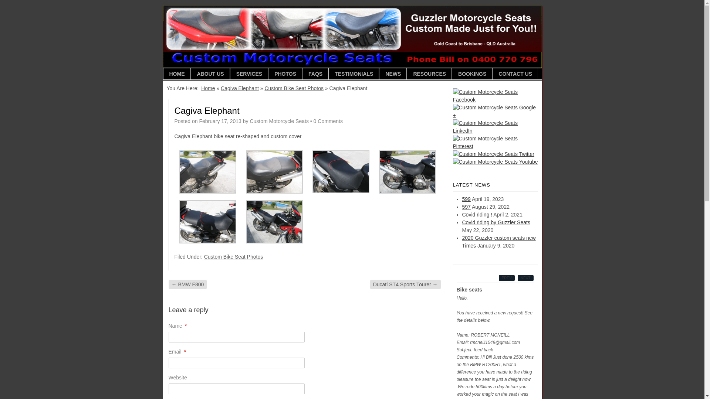 The image size is (710, 399). Describe the element at coordinates (240, 88) in the screenshot. I see `'Cagiva Elephant'` at that location.